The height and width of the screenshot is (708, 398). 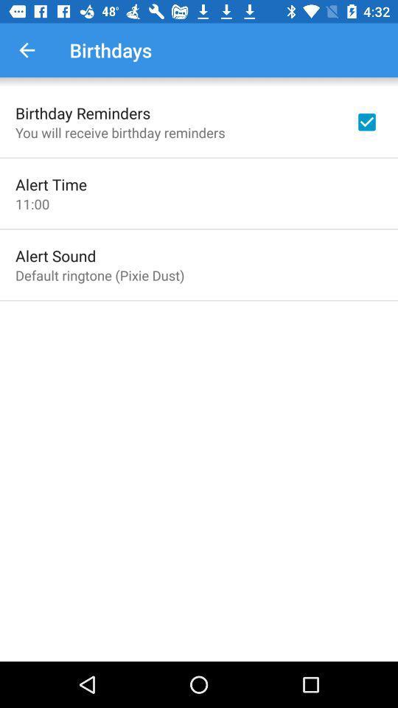 What do you see at coordinates (27, 50) in the screenshot?
I see `item to the left of the birthdays icon` at bounding box center [27, 50].